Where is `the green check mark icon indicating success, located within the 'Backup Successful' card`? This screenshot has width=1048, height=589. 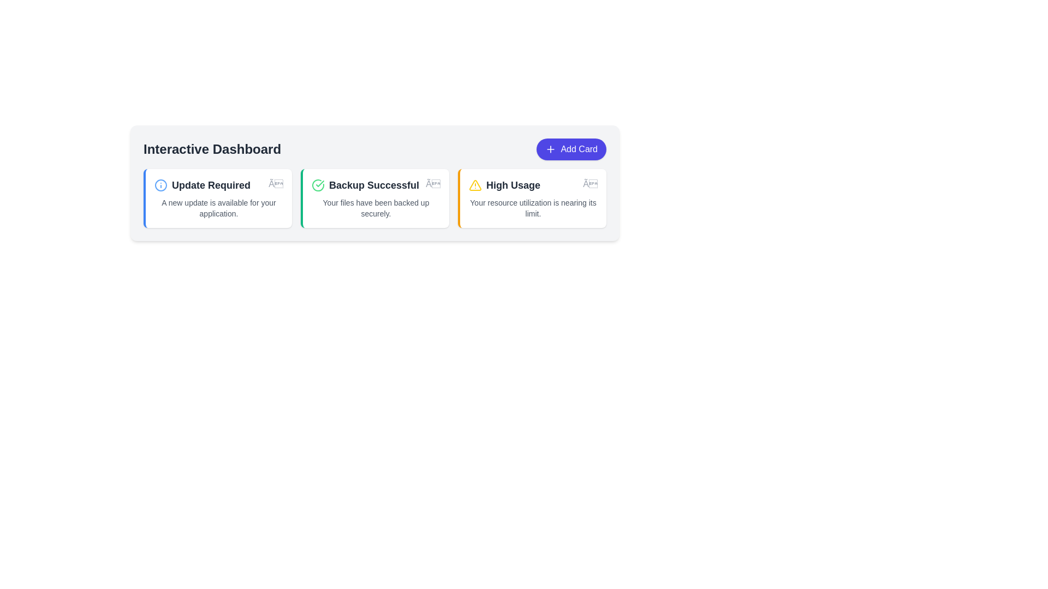 the green check mark icon indicating success, located within the 'Backup Successful' card is located at coordinates (319, 183).